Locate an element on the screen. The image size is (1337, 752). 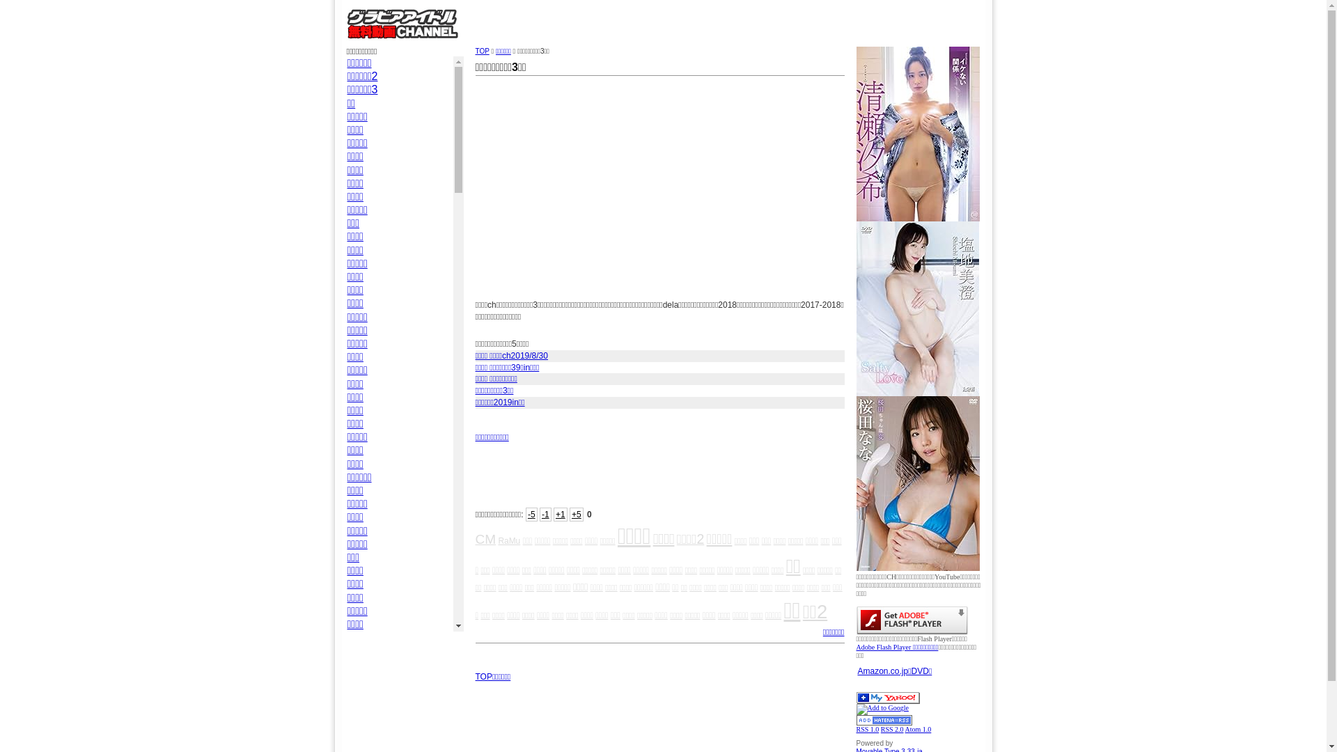
'Atom 1.0' is located at coordinates (918, 728).